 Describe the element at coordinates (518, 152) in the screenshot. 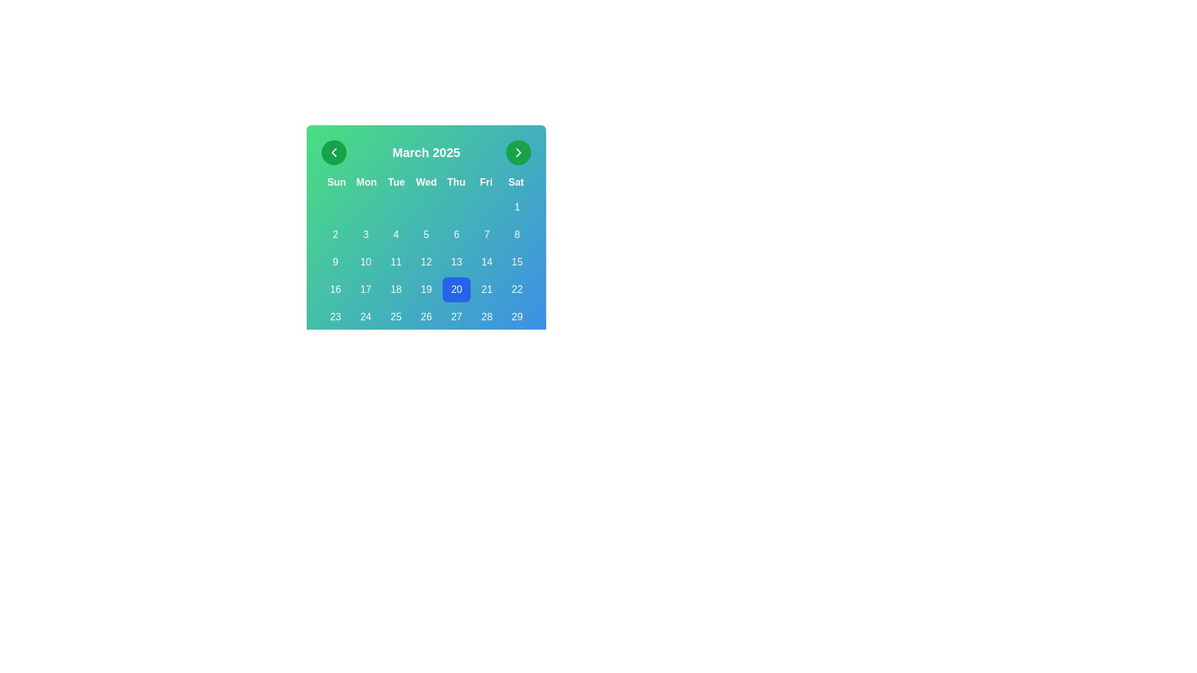

I see `the circular green button with a rightward pointing chevron icon located on the right side of the calendar header to trigger the hover effect` at that location.